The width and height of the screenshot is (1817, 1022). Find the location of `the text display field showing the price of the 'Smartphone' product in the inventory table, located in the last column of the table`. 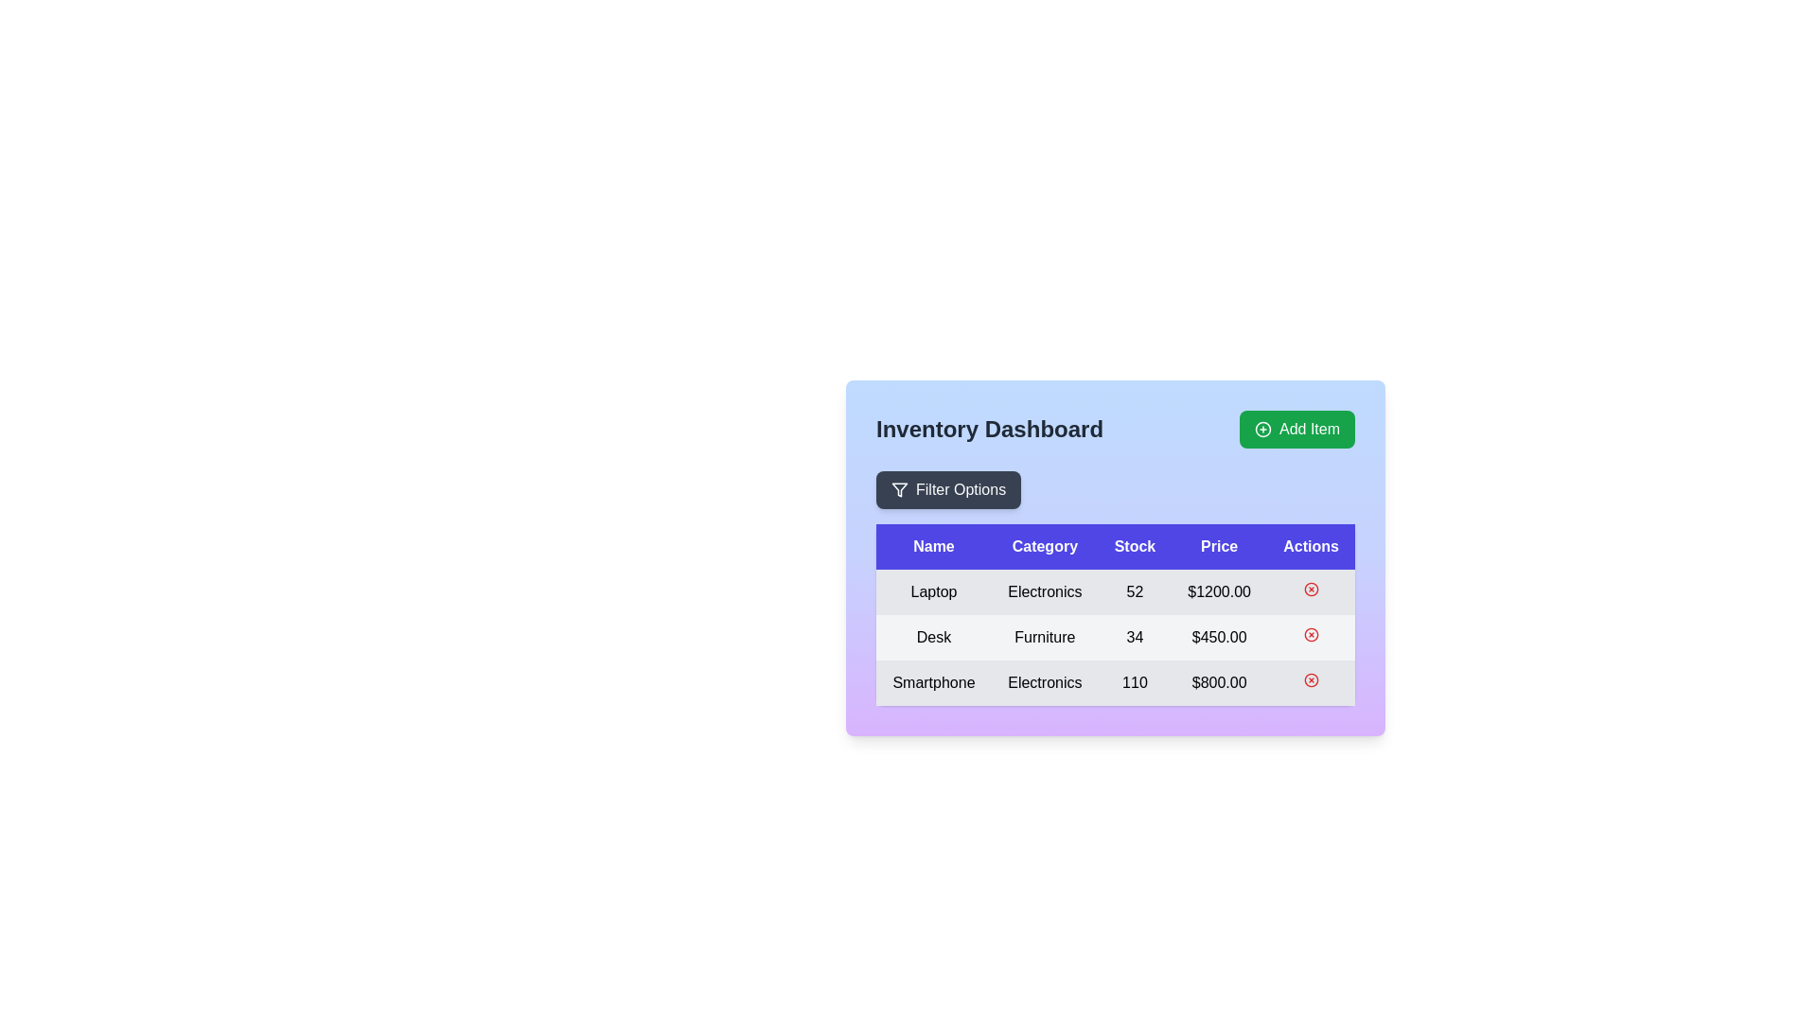

the text display field showing the price of the 'Smartphone' product in the inventory table, located in the last column of the table is located at coordinates (1219, 682).